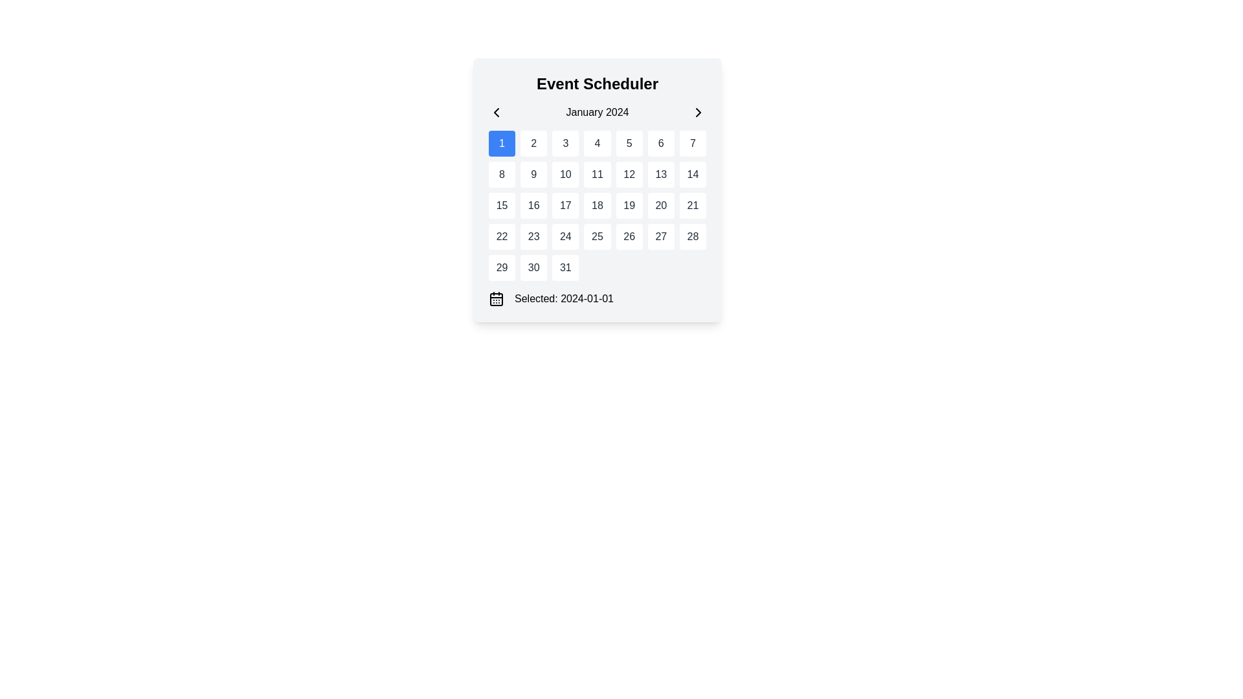  I want to click on displayed date in the box representing the day '13' within the monthly calendar view, located in the second row and sixth column of the calendar grid, so click(661, 175).